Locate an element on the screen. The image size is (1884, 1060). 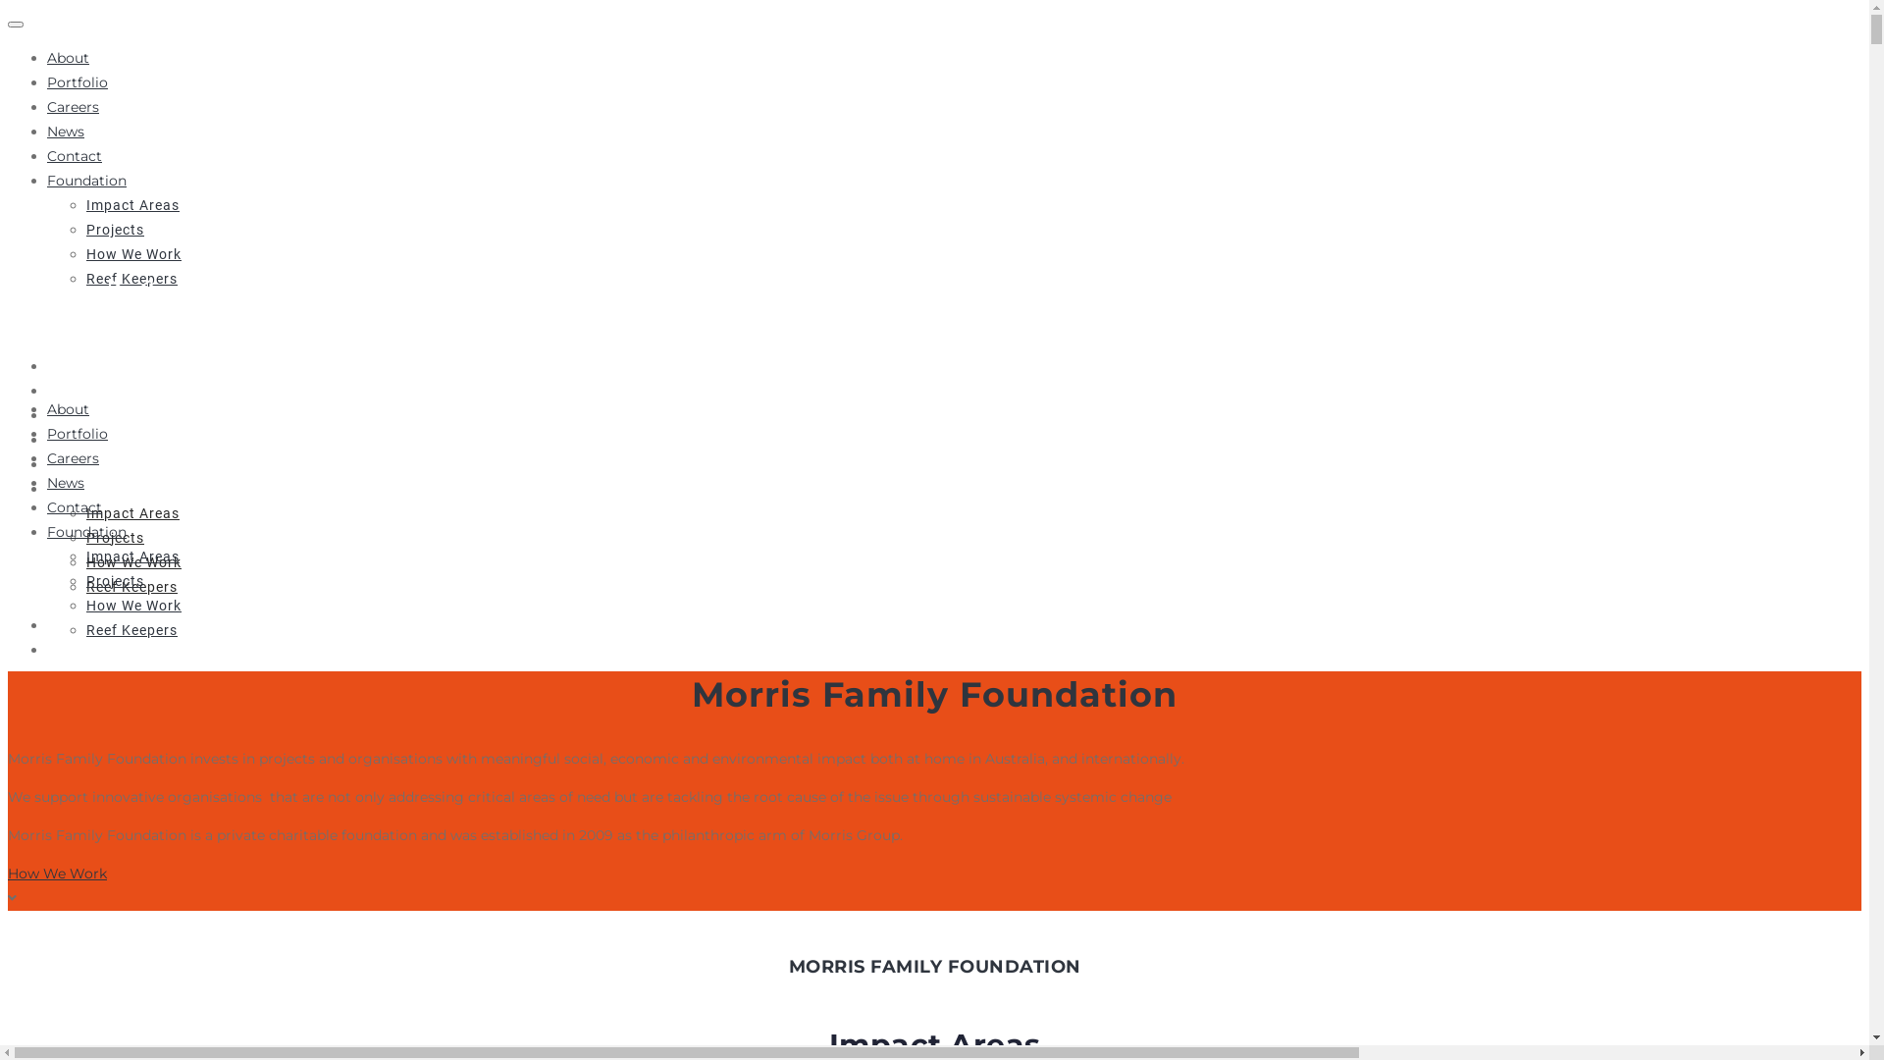
'Impact Areas' is located at coordinates (131, 204).